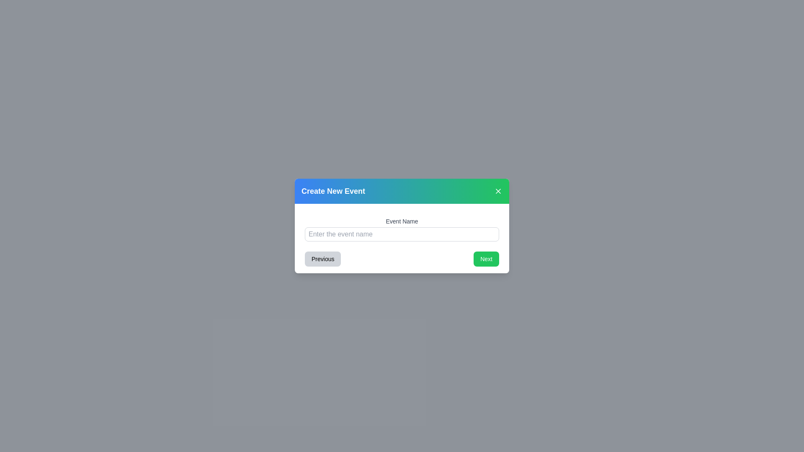  What do you see at coordinates (402, 221) in the screenshot?
I see `the 'Event Name' label, which is displayed in gray color and located at the top center of the modal box, above the input field for entering the event name` at bounding box center [402, 221].